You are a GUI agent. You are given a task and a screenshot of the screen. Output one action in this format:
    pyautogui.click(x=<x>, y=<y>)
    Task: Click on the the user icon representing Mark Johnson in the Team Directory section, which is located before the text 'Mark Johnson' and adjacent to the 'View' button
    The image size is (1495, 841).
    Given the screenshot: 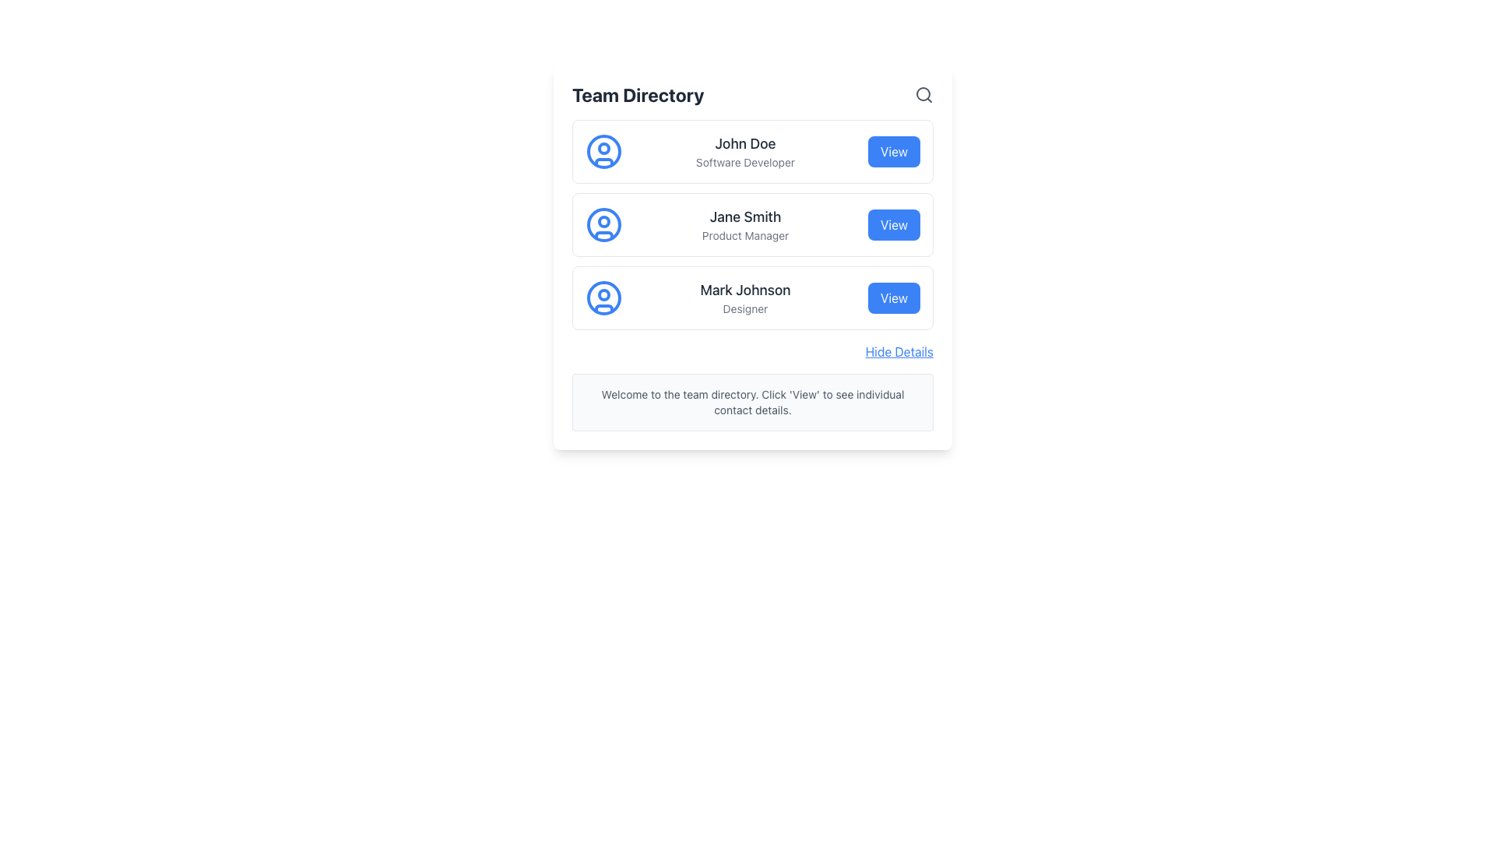 What is the action you would take?
    pyautogui.click(x=603, y=297)
    